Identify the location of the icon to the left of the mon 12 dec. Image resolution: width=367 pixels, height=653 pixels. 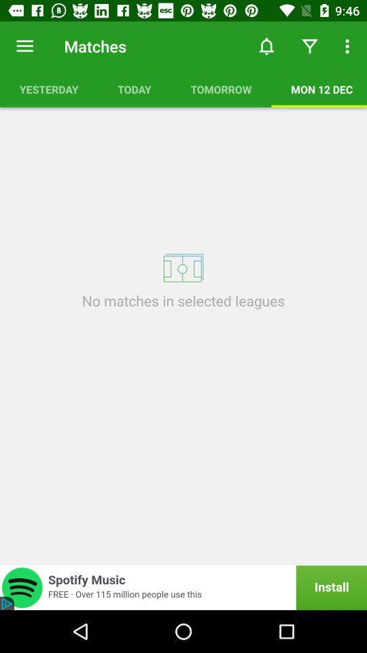
(221, 88).